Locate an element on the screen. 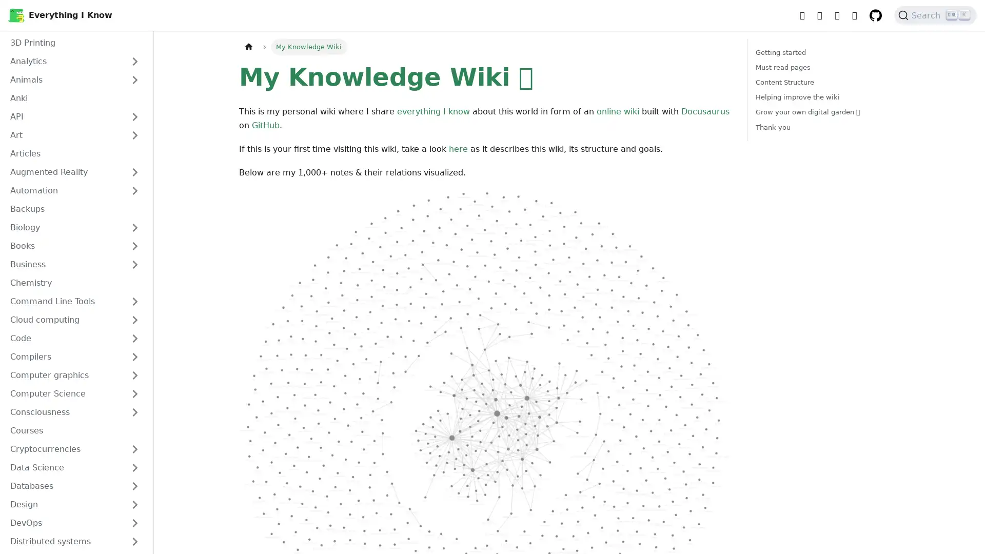 The height and width of the screenshot is (554, 985). Toggle the collapsible sidebar category 'Biology' is located at coordinates (134, 227).